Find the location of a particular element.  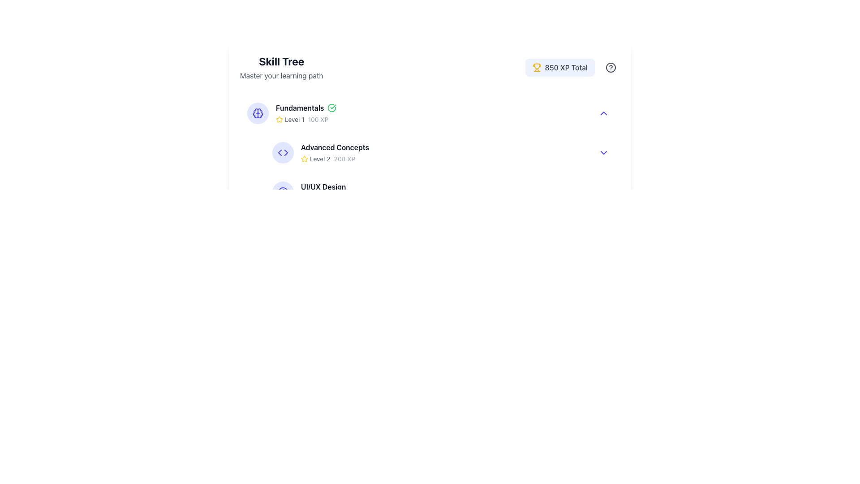

the right-pointing arrow symbol in the skill tree interface is located at coordinates (285, 152).